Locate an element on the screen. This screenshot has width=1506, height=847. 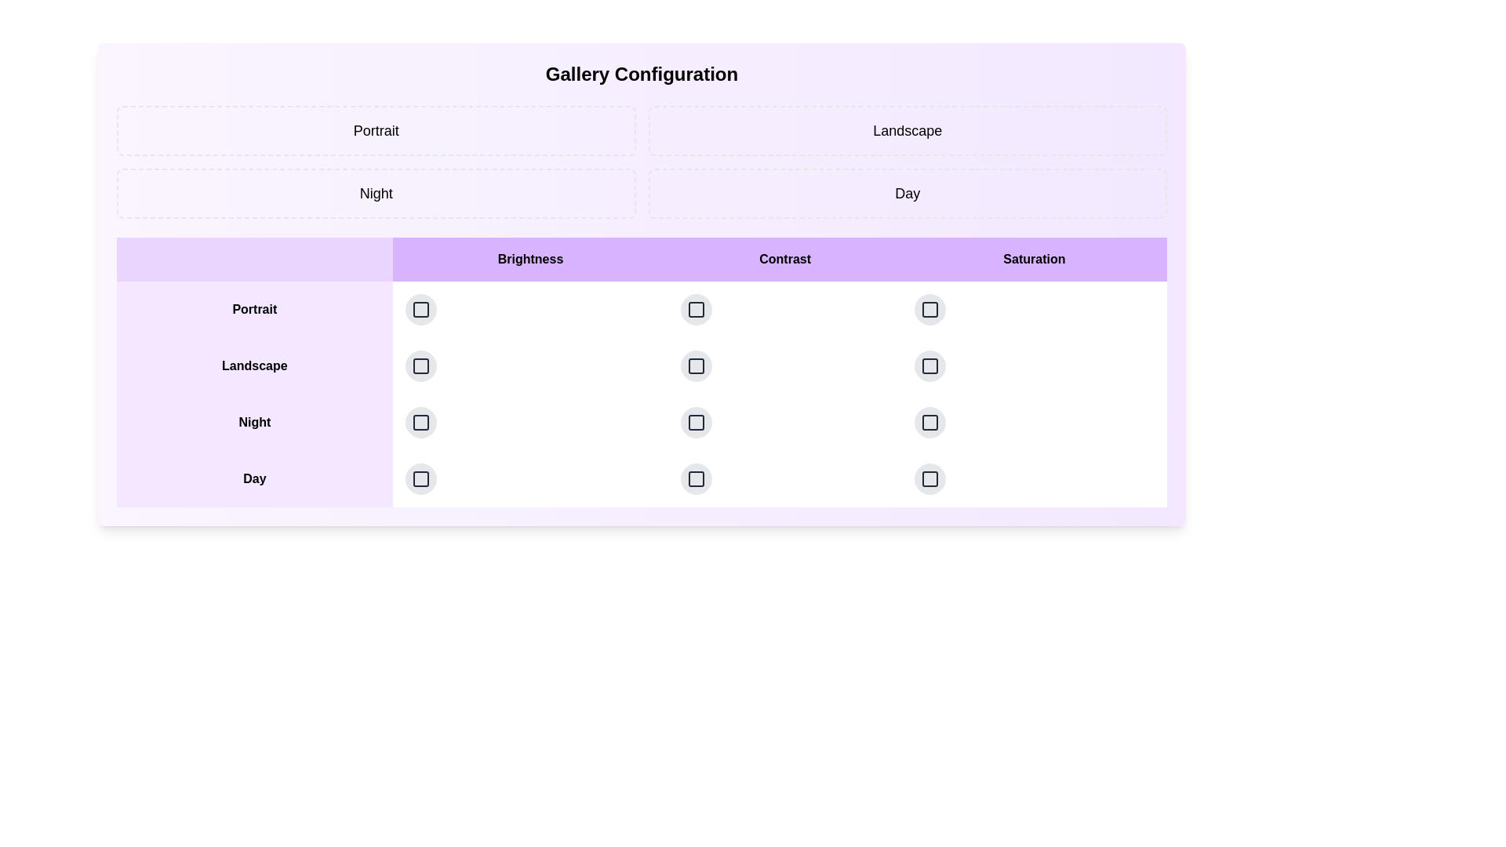
the small square-shaped button with a circular border and a light gray background located in the 'Gallery Configuration' section, specifically in the fourth row labeled 'Day' and the third column titled 'Saturation' is located at coordinates (929, 478).